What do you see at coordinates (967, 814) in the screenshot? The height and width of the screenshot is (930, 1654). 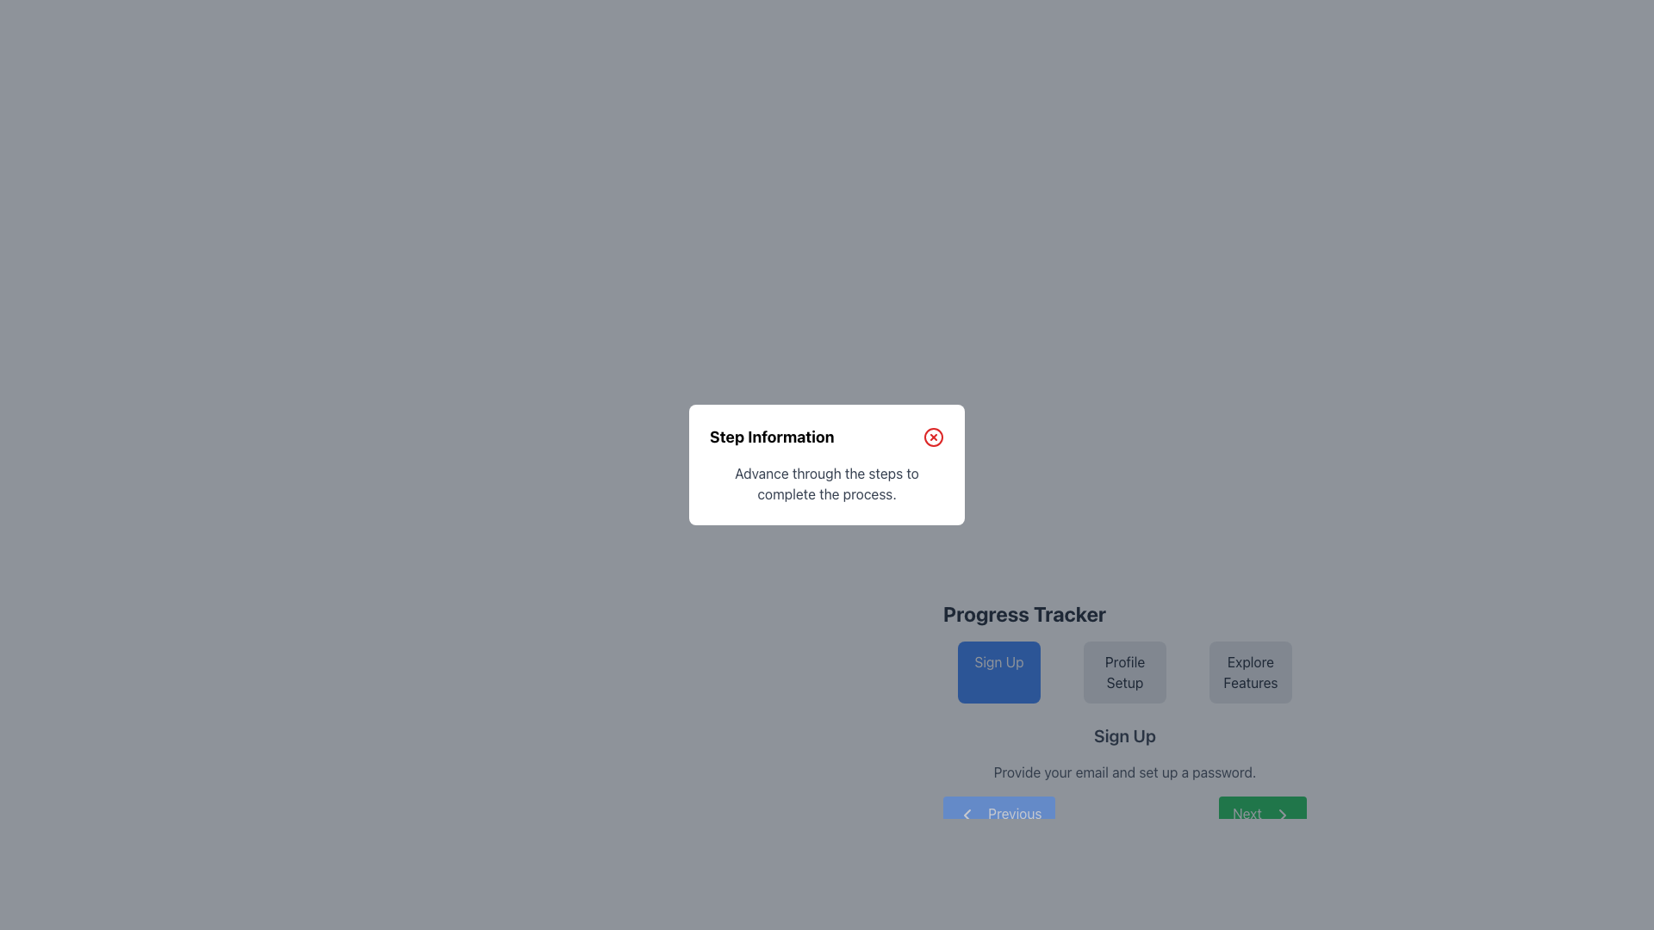 I see `the left-facing chevron arrow icon within the 'Previous' button, located in the 'Progress Tracker' section` at bounding box center [967, 814].